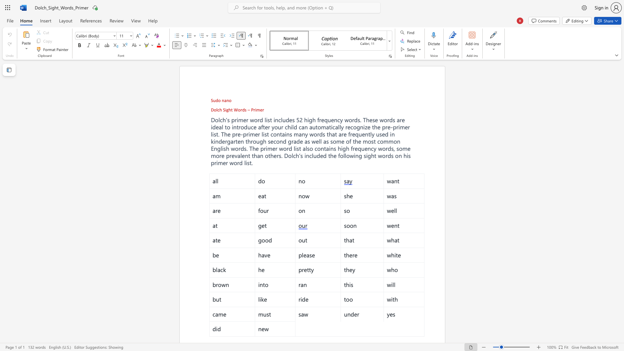 This screenshot has width=624, height=351. What do you see at coordinates (228, 110) in the screenshot?
I see `the subset text "ht Words – Pr" within the text "Dolch Sight Words – Primer"` at bounding box center [228, 110].